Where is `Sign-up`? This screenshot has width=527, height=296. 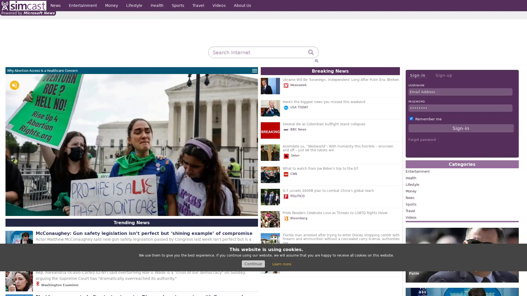
Sign-up is located at coordinates (444, 75).